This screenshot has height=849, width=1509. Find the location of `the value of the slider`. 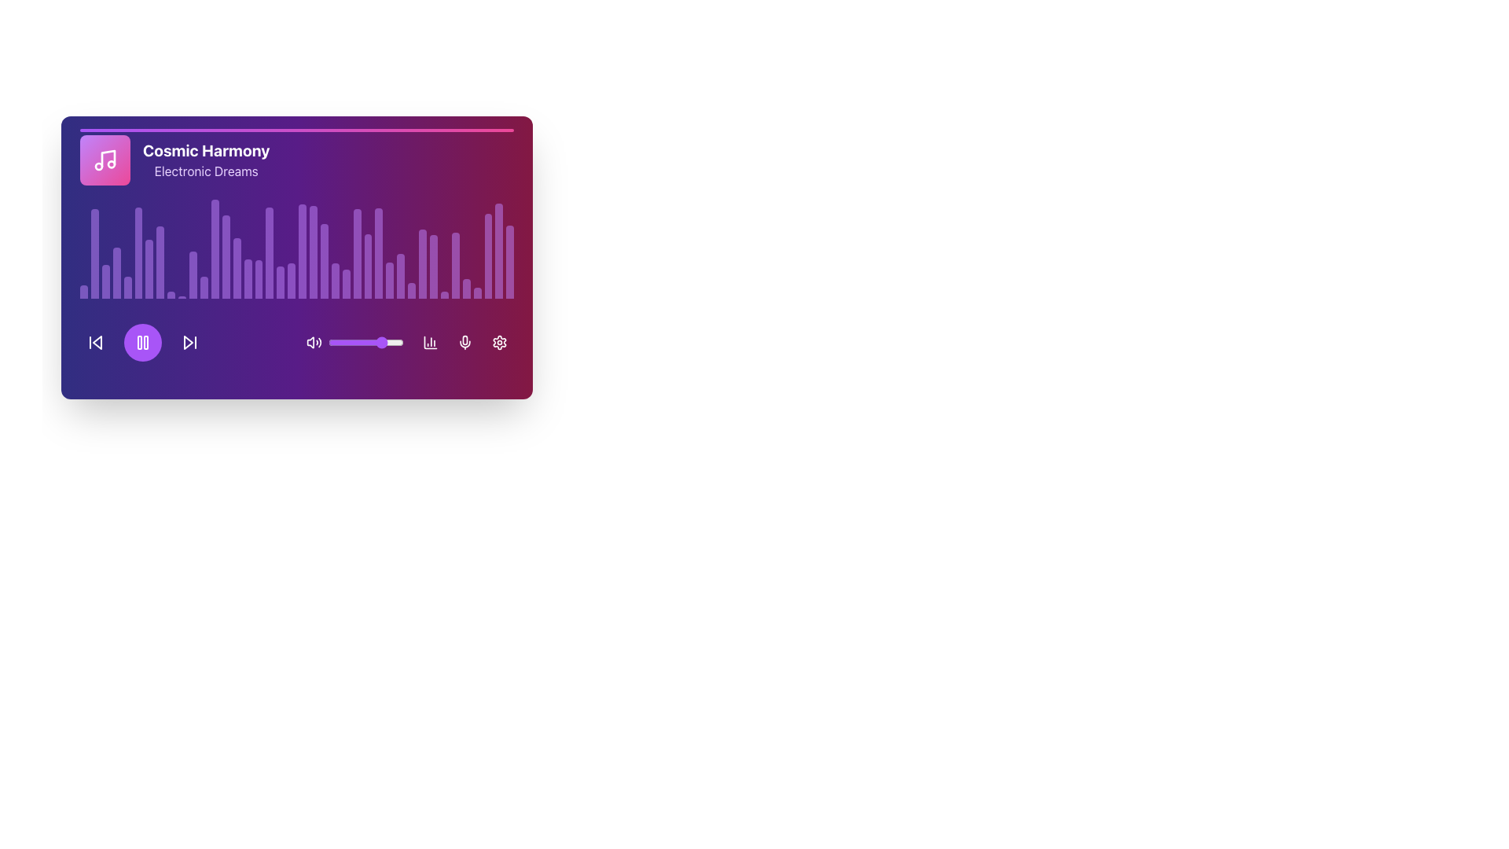

the value of the slider is located at coordinates (335, 341).